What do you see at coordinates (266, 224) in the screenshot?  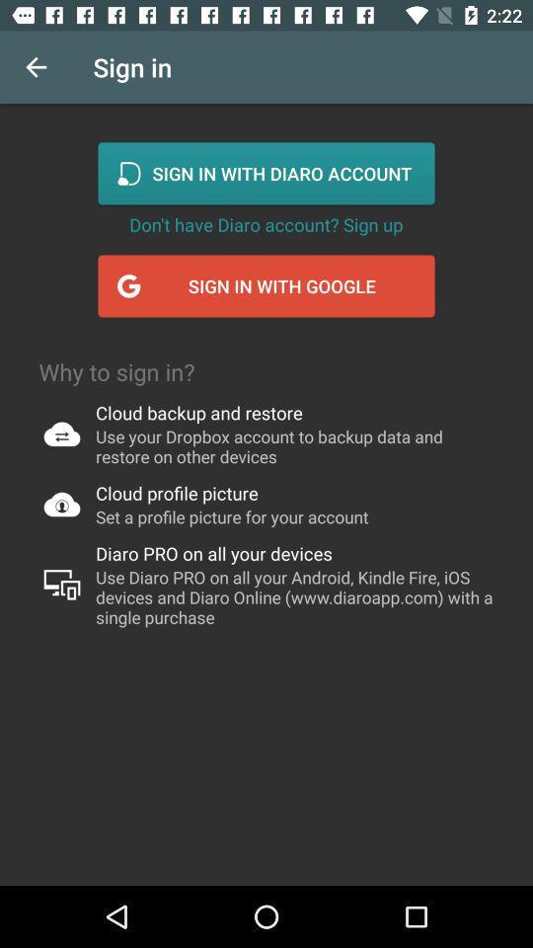 I see `the icon below the sign in with` at bounding box center [266, 224].